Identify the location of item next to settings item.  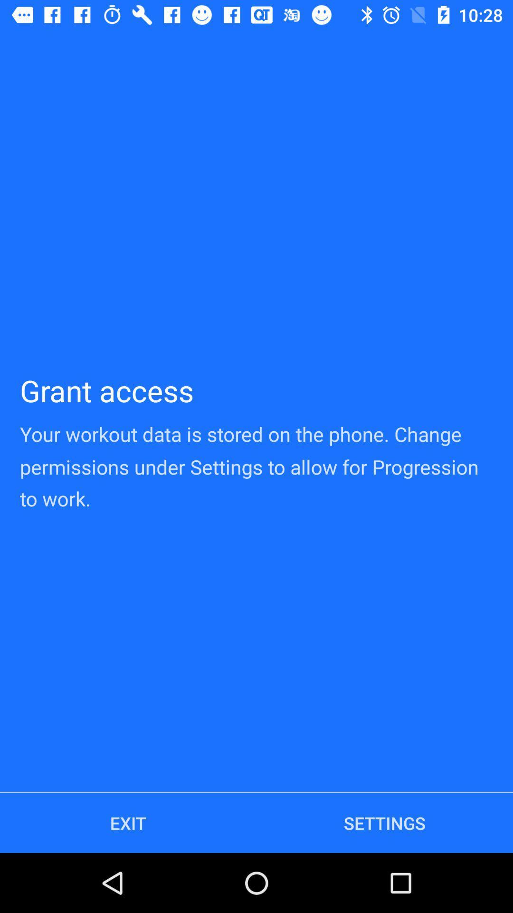
(128, 823).